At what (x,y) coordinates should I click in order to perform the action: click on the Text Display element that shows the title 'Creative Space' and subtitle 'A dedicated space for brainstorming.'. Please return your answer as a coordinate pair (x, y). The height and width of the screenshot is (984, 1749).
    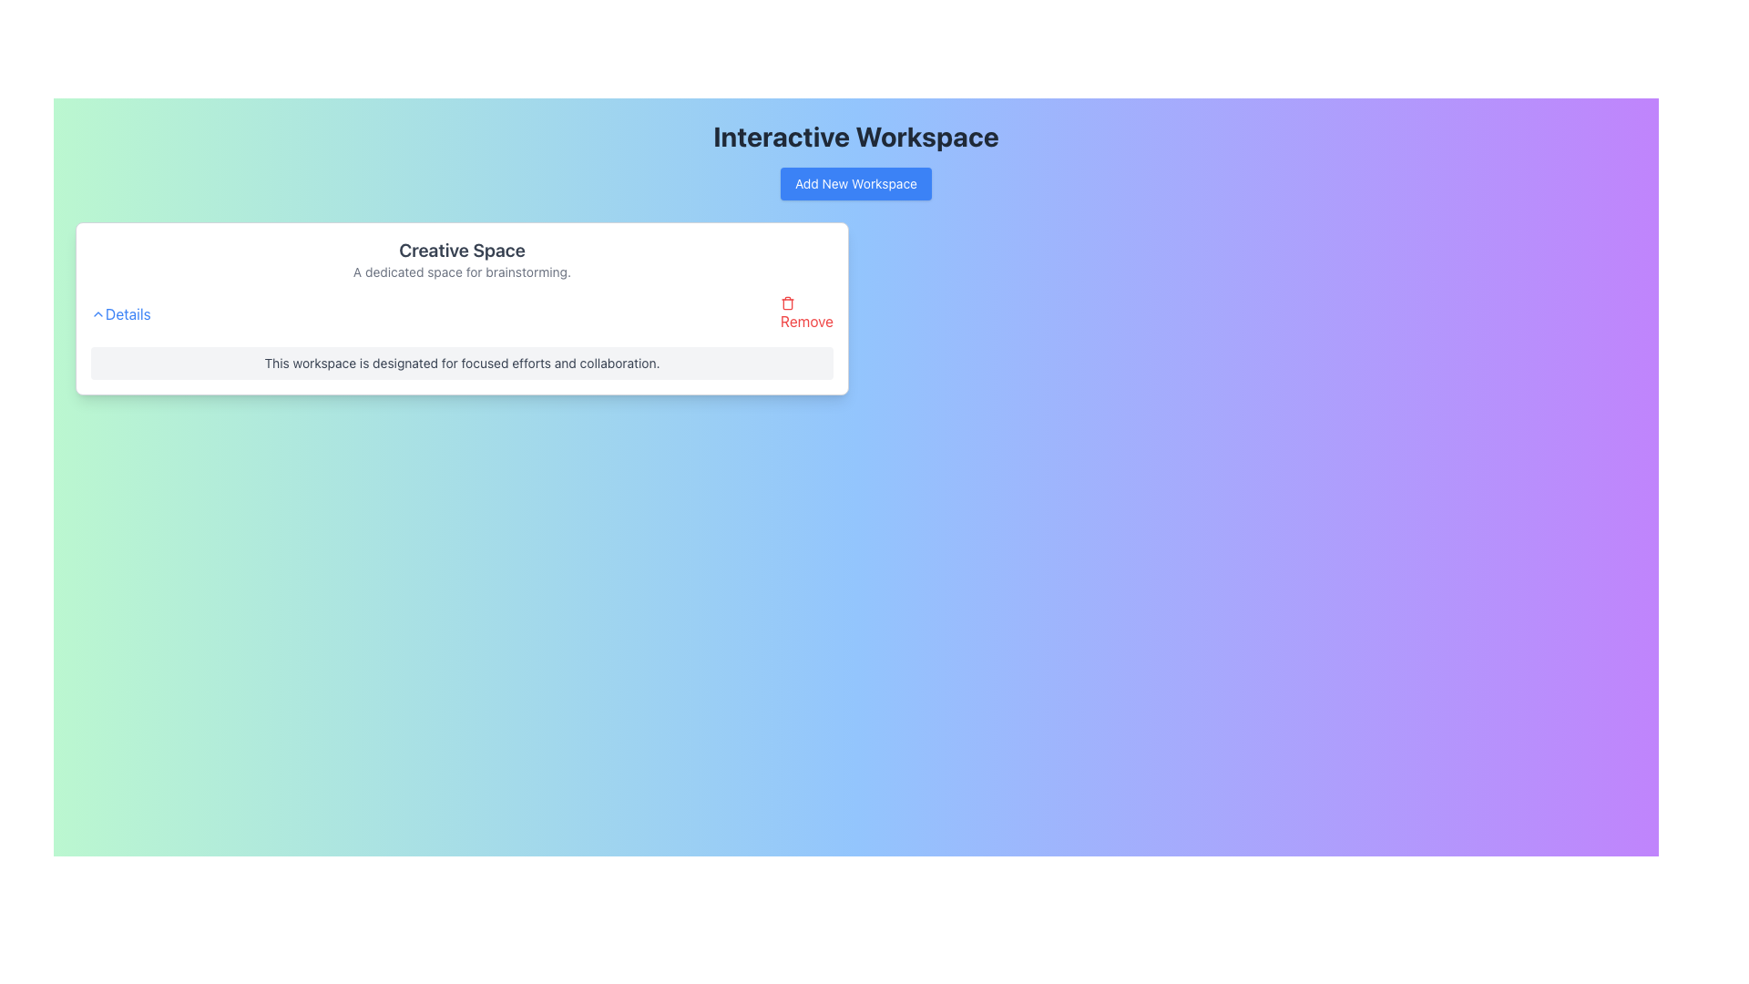
    Looking at the image, I should click on (462, 260).